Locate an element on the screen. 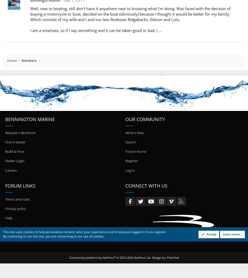 This screenshot has width=248, height=278. 'Learn more…' is located at coordinates (232, 234).